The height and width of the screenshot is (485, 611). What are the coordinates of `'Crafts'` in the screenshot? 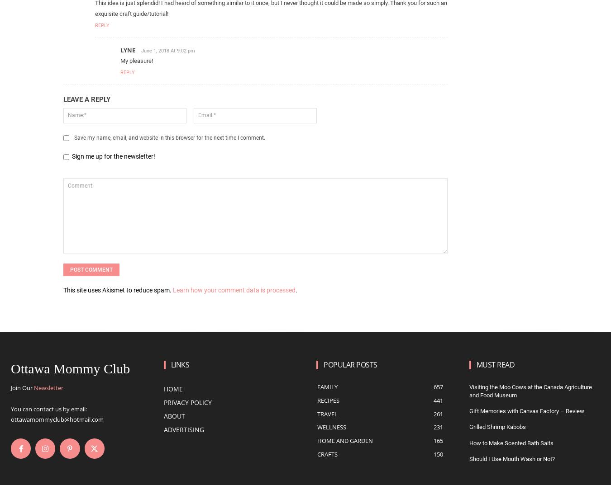 It's located at (327, 453).